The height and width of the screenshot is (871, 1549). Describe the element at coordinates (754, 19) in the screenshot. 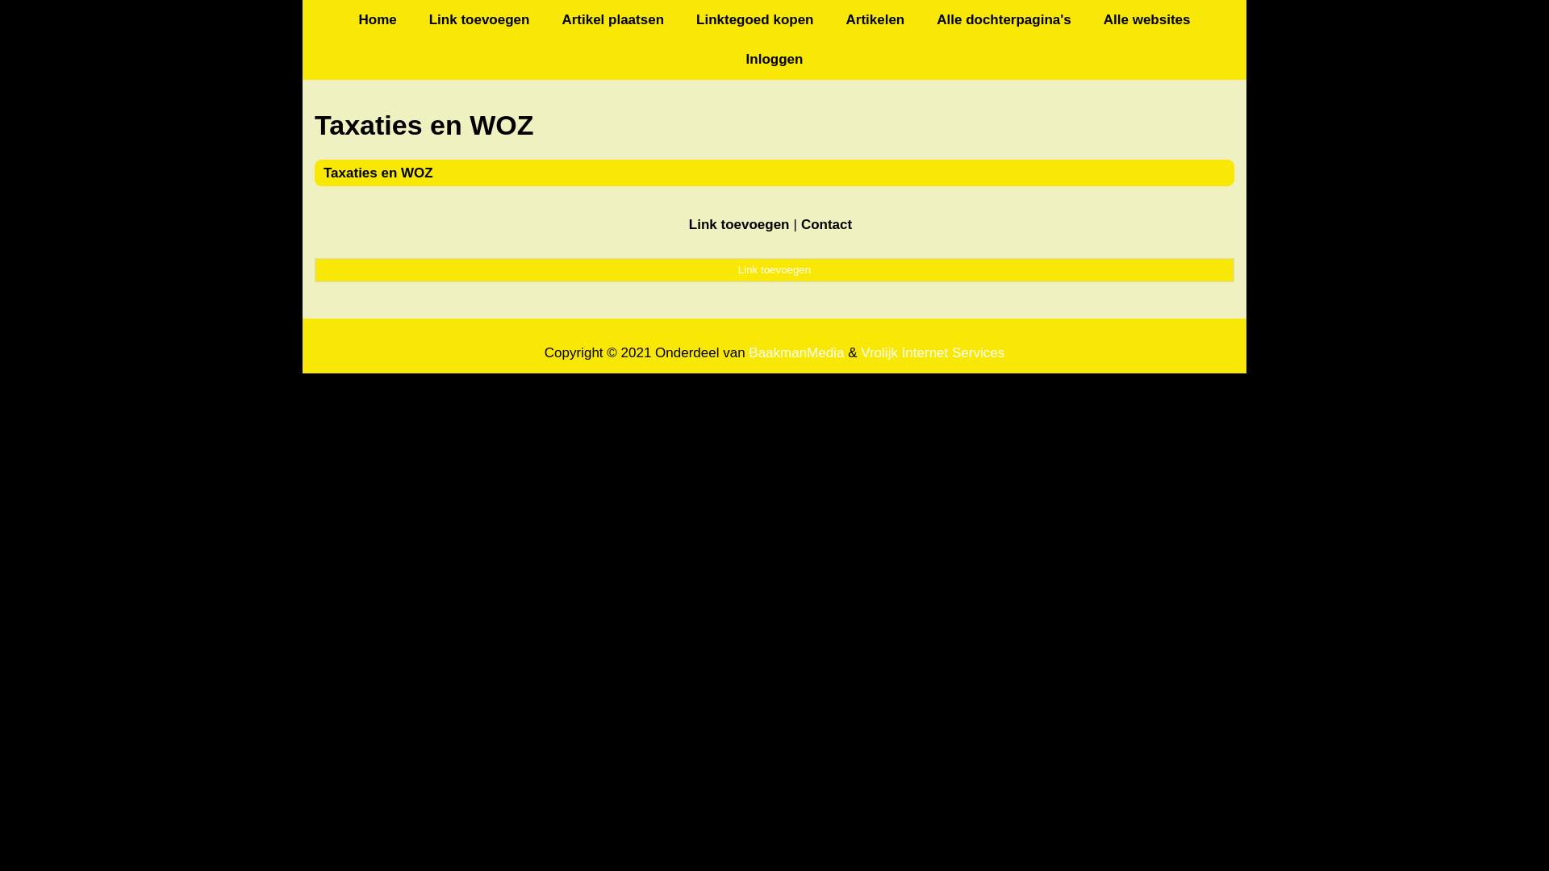

I see `'Linktegoed kopen'` at that location.